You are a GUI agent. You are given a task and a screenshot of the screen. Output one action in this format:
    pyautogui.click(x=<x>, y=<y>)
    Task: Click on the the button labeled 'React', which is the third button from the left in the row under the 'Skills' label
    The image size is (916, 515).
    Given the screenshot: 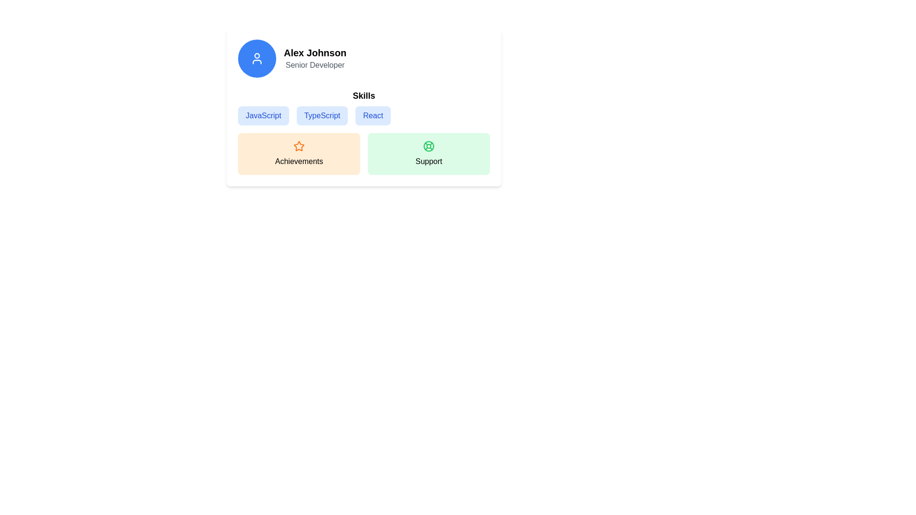 What is the action you would take?
    pyautogui.click(x=364, y=107)
    